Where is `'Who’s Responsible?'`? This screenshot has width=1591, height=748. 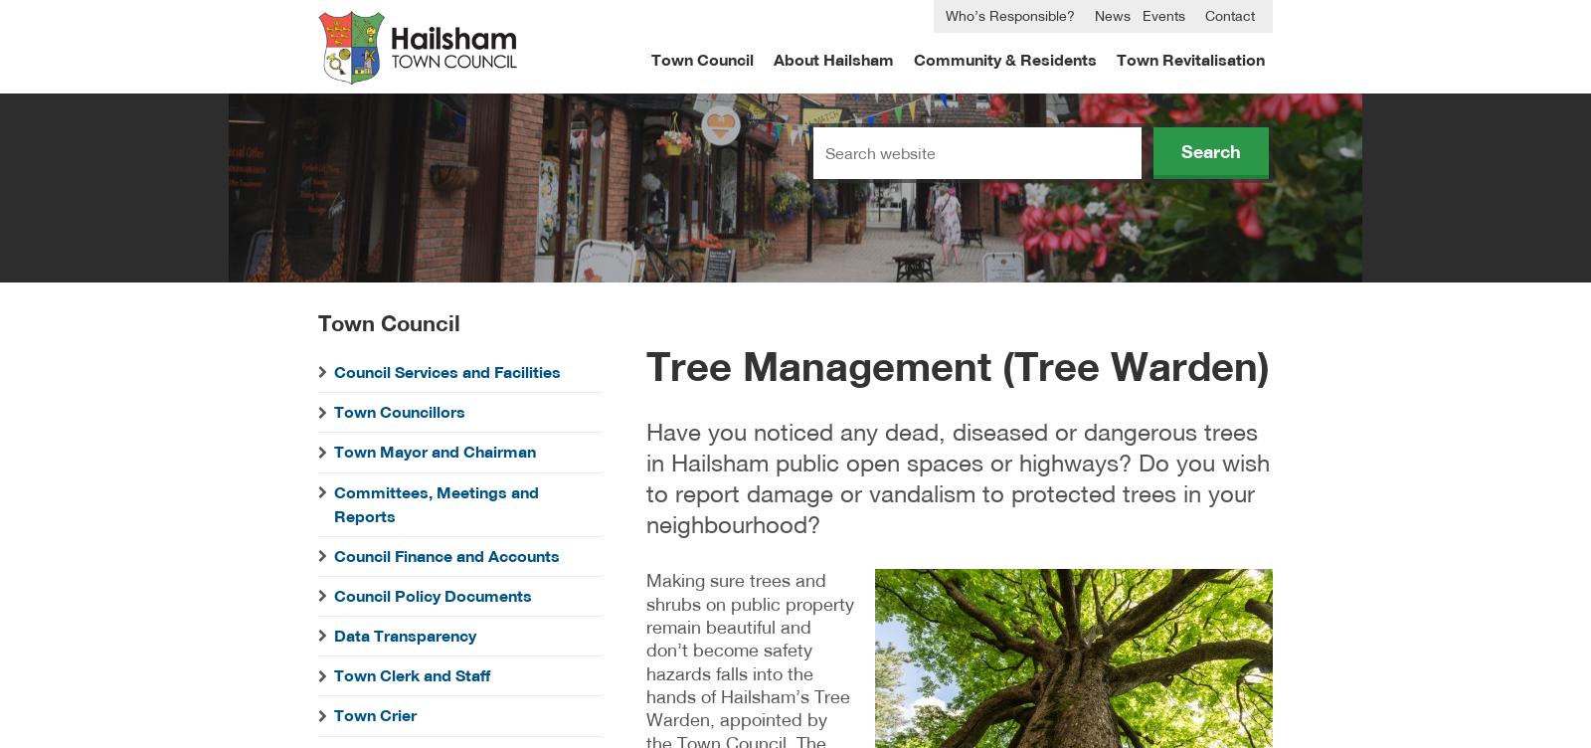
'Who’s Responsible?' is located at coordinates (1010, 16).